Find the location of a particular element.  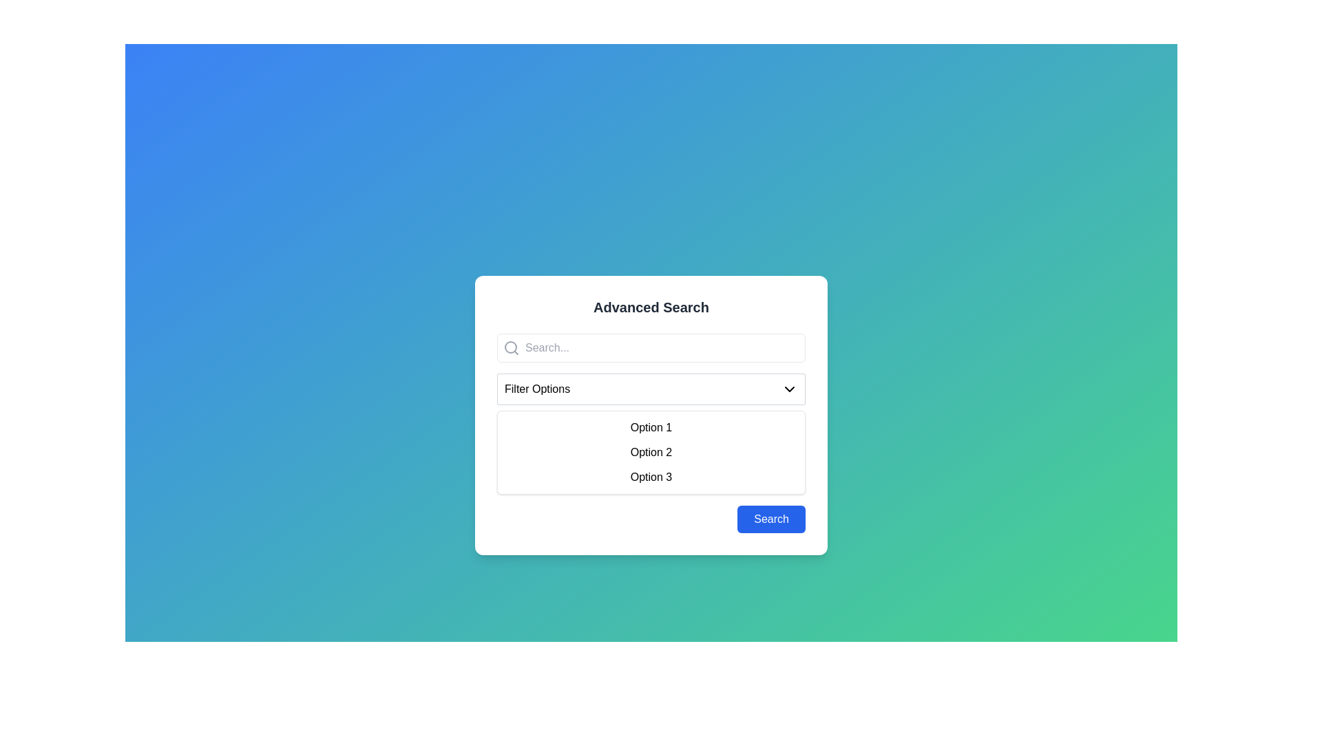

one of the options in the dropdown menu labeled 'Filter Options' is located at coordinates (650, 432).